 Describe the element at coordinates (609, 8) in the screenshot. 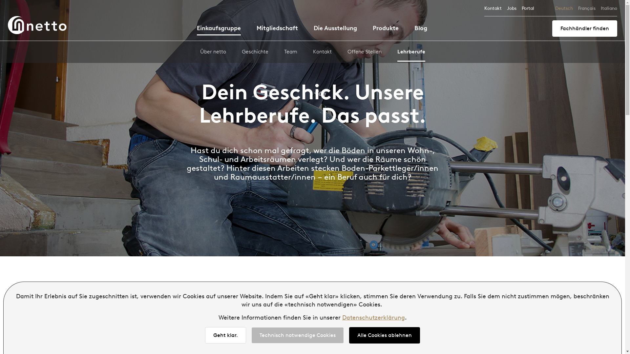

I see `'Italiano'` at that location.